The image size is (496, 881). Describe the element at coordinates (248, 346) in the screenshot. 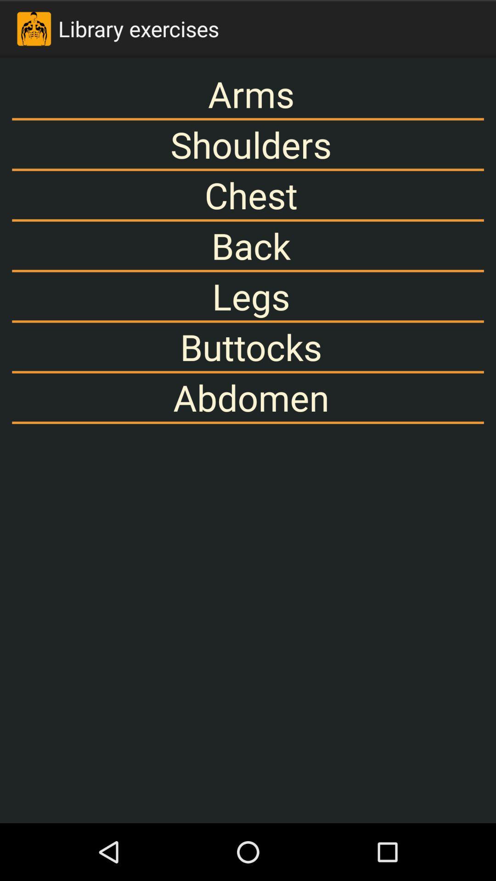

I see `buttocks` at that location.